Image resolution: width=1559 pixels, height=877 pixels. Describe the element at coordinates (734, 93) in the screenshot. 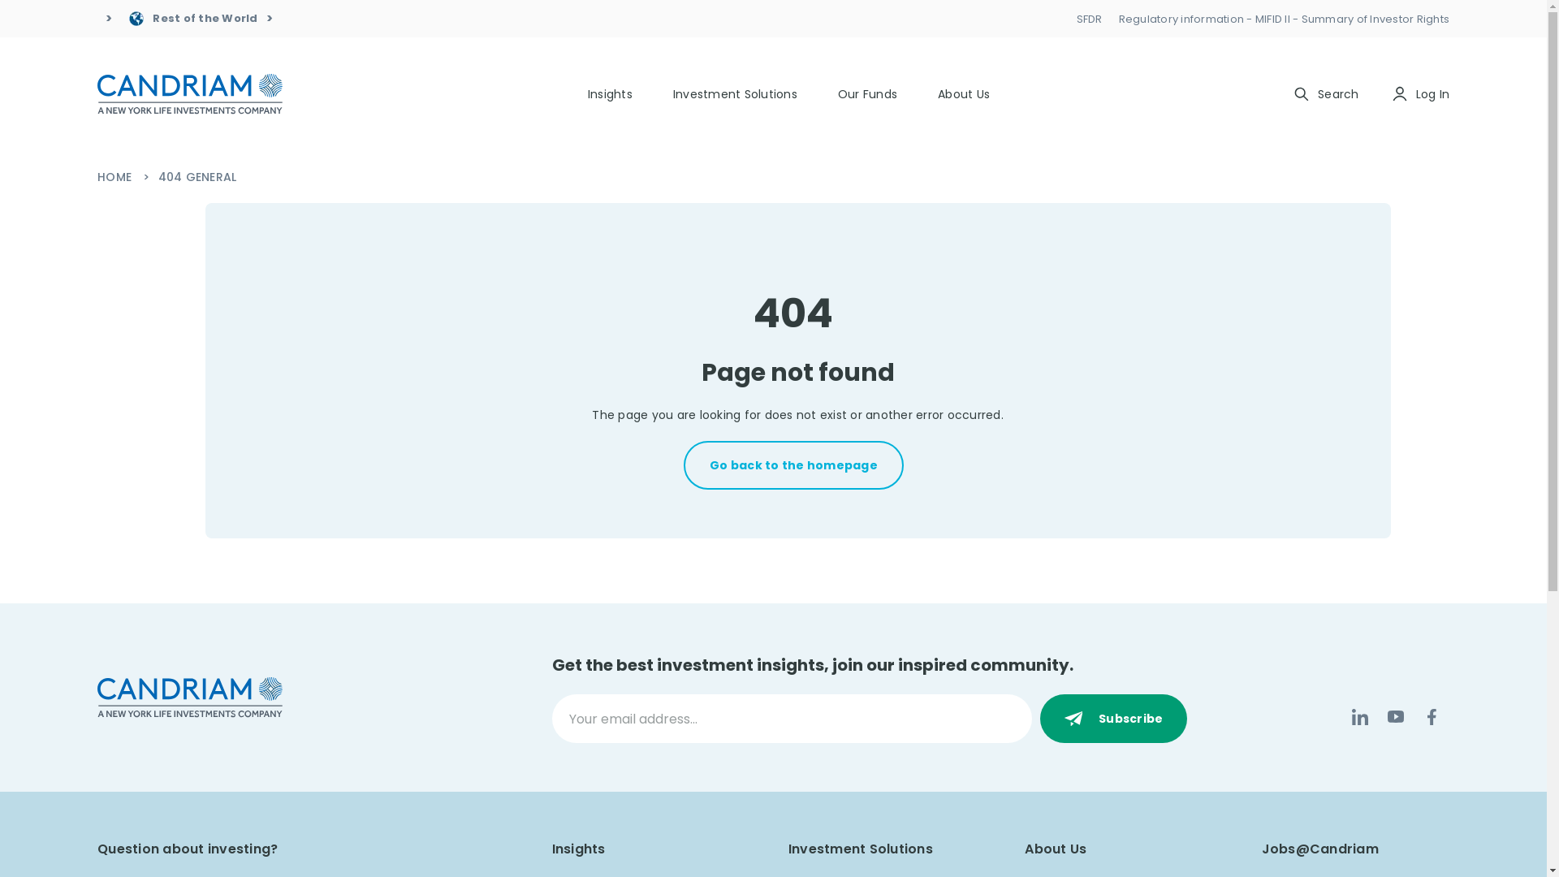

I see `'Investment Solutions'` at that location.